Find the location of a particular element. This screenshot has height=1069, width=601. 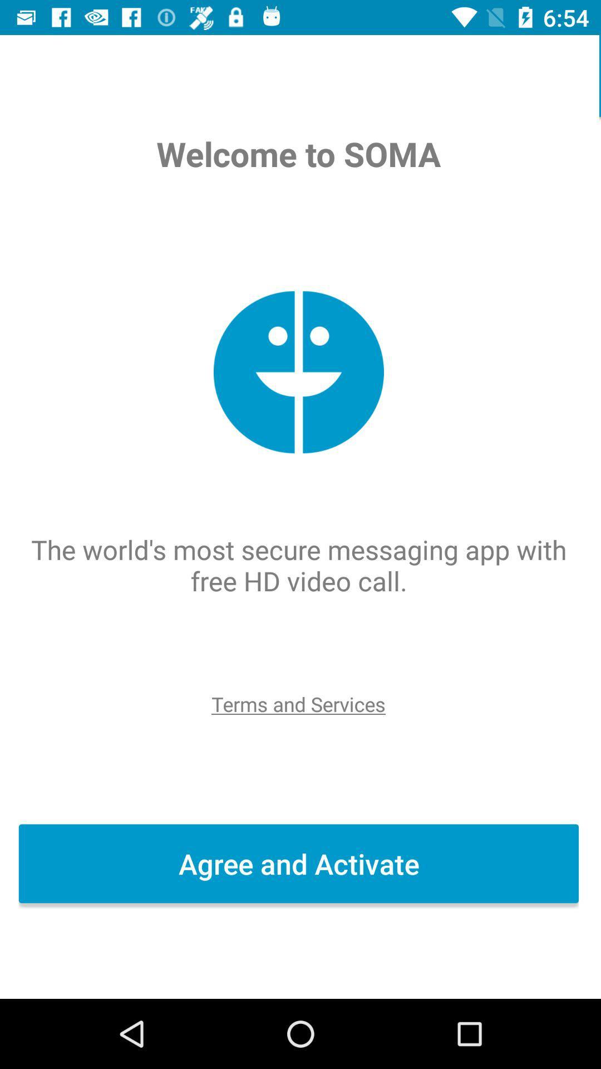

item above the agree and activate icon is located at coordinates (299, 703).